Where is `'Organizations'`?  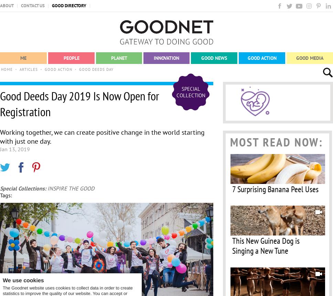 'Organizations' is located at coordinates (261, 70).